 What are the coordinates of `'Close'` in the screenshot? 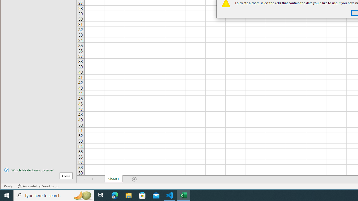 It's located at (66, 176).